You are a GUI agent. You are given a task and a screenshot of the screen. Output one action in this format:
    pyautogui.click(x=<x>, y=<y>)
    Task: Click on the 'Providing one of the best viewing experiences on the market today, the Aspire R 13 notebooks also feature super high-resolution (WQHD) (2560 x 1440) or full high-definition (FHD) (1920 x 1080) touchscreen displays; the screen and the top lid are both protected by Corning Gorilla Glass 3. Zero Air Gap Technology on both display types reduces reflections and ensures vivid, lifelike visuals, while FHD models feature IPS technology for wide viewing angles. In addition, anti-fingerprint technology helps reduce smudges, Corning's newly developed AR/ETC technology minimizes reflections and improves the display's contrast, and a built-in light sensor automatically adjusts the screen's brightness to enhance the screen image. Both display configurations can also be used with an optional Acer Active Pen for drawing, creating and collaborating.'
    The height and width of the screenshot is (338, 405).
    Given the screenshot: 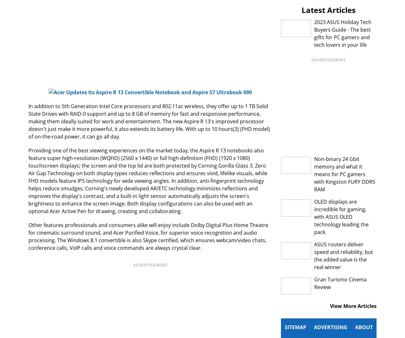 What is the action you would take?
    pyautogui.click(x=147, y=181)
    